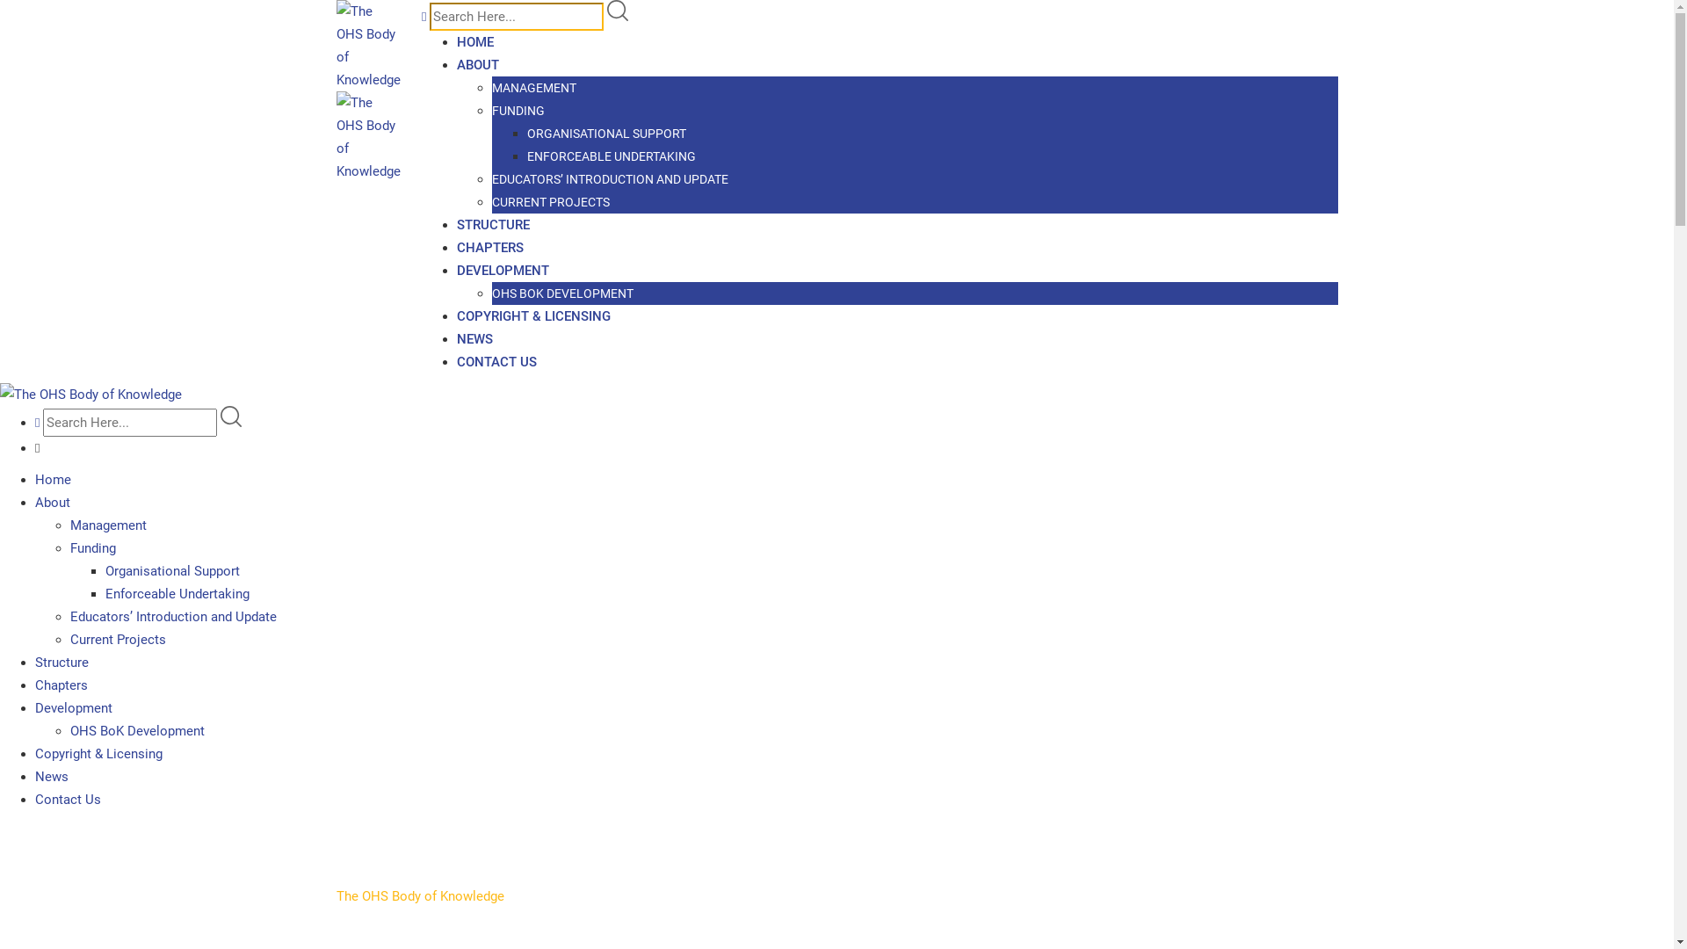 This screenshot has height=949, width=1687. Describe the element at coordinates (518, 111) in the screenshot. I see `'FUNDING'` at that location.